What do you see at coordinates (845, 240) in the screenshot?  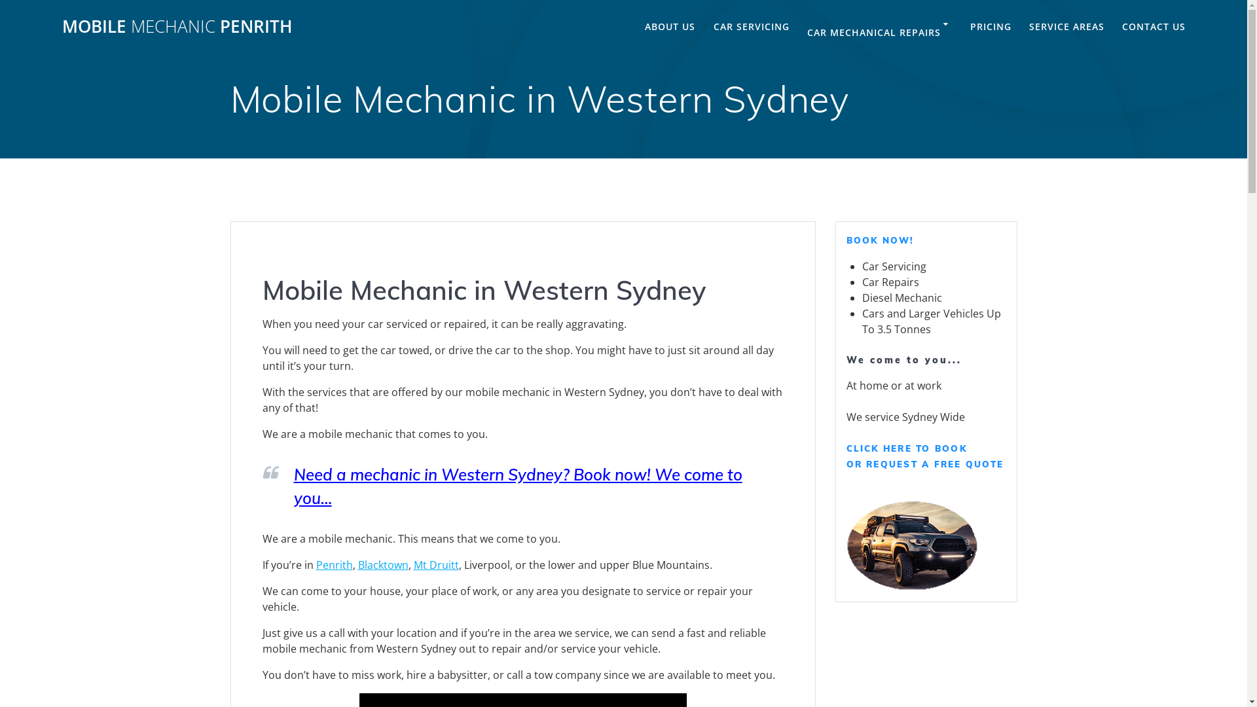 I see `'BOOK NOW!'` at bounding box center [845, 240].